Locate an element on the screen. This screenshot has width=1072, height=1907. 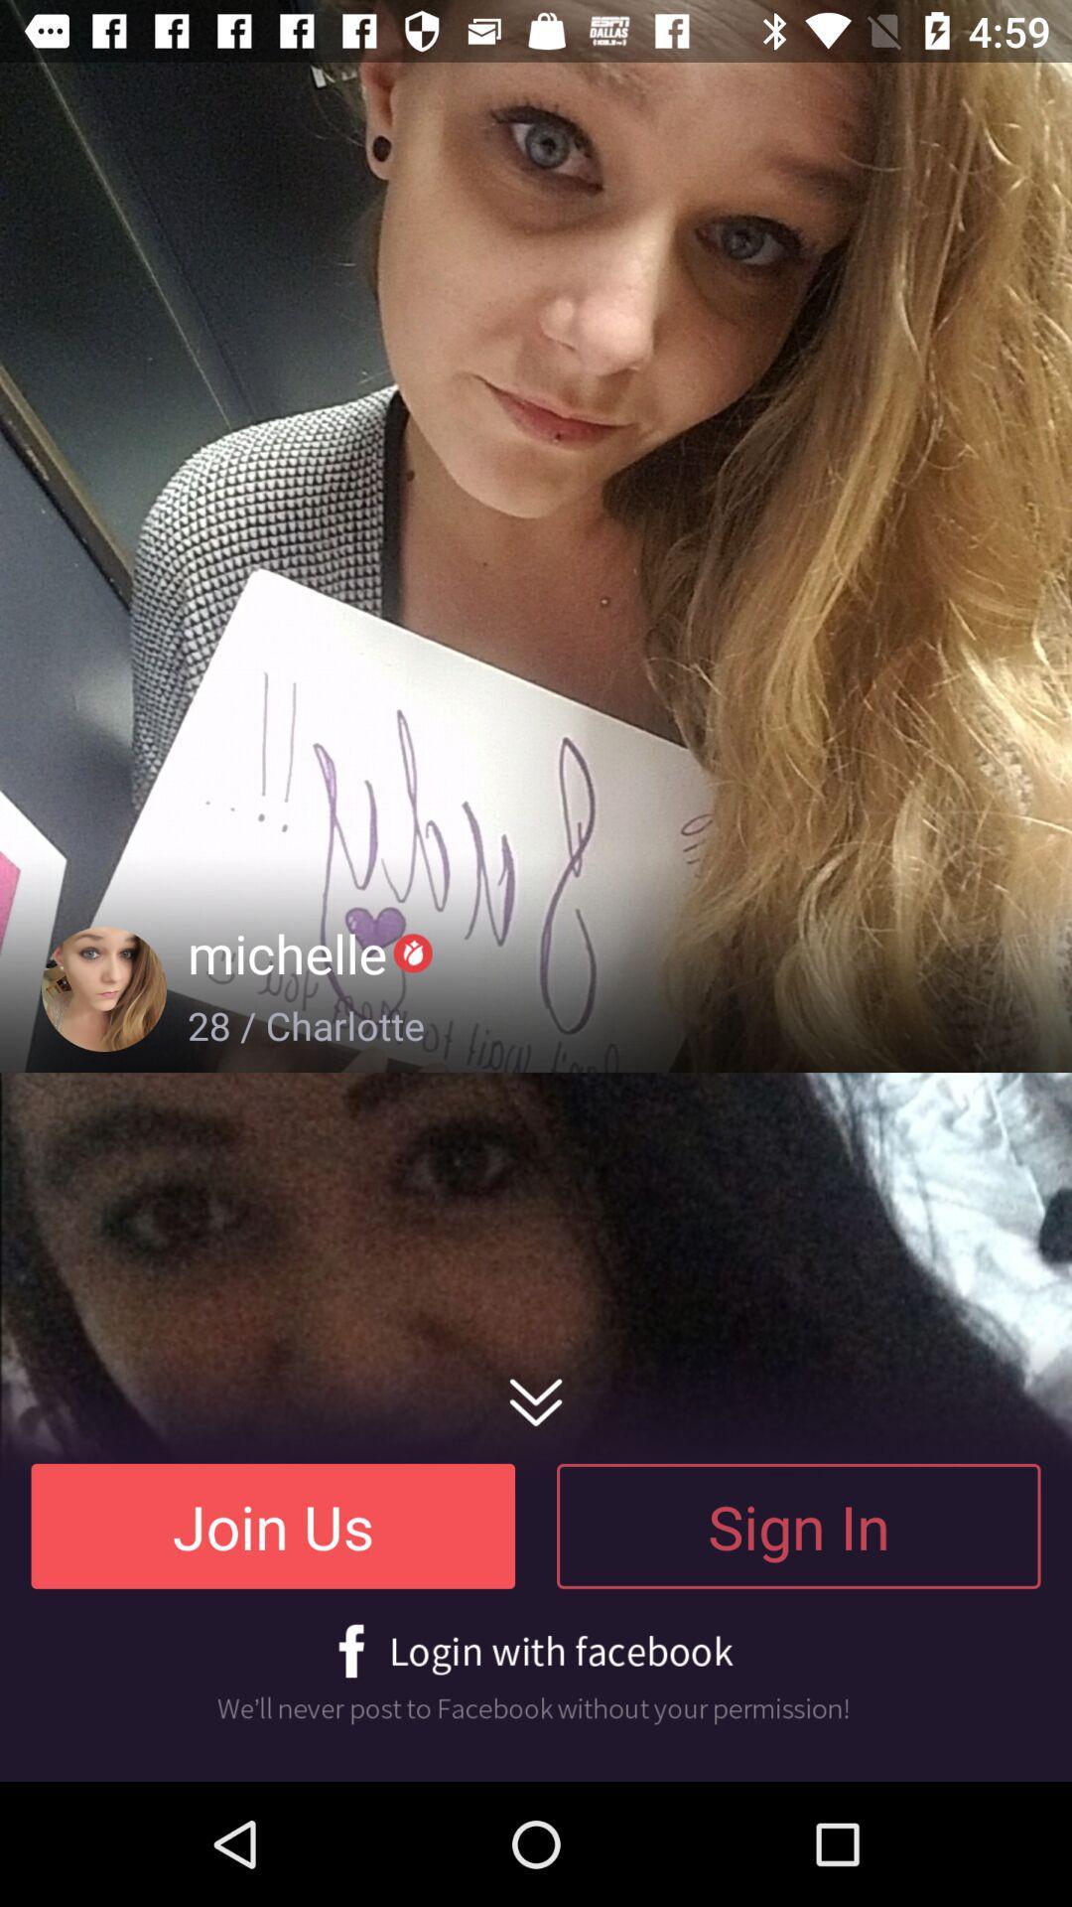
the icon next to sign in item is located at coordinates (273, 1525).